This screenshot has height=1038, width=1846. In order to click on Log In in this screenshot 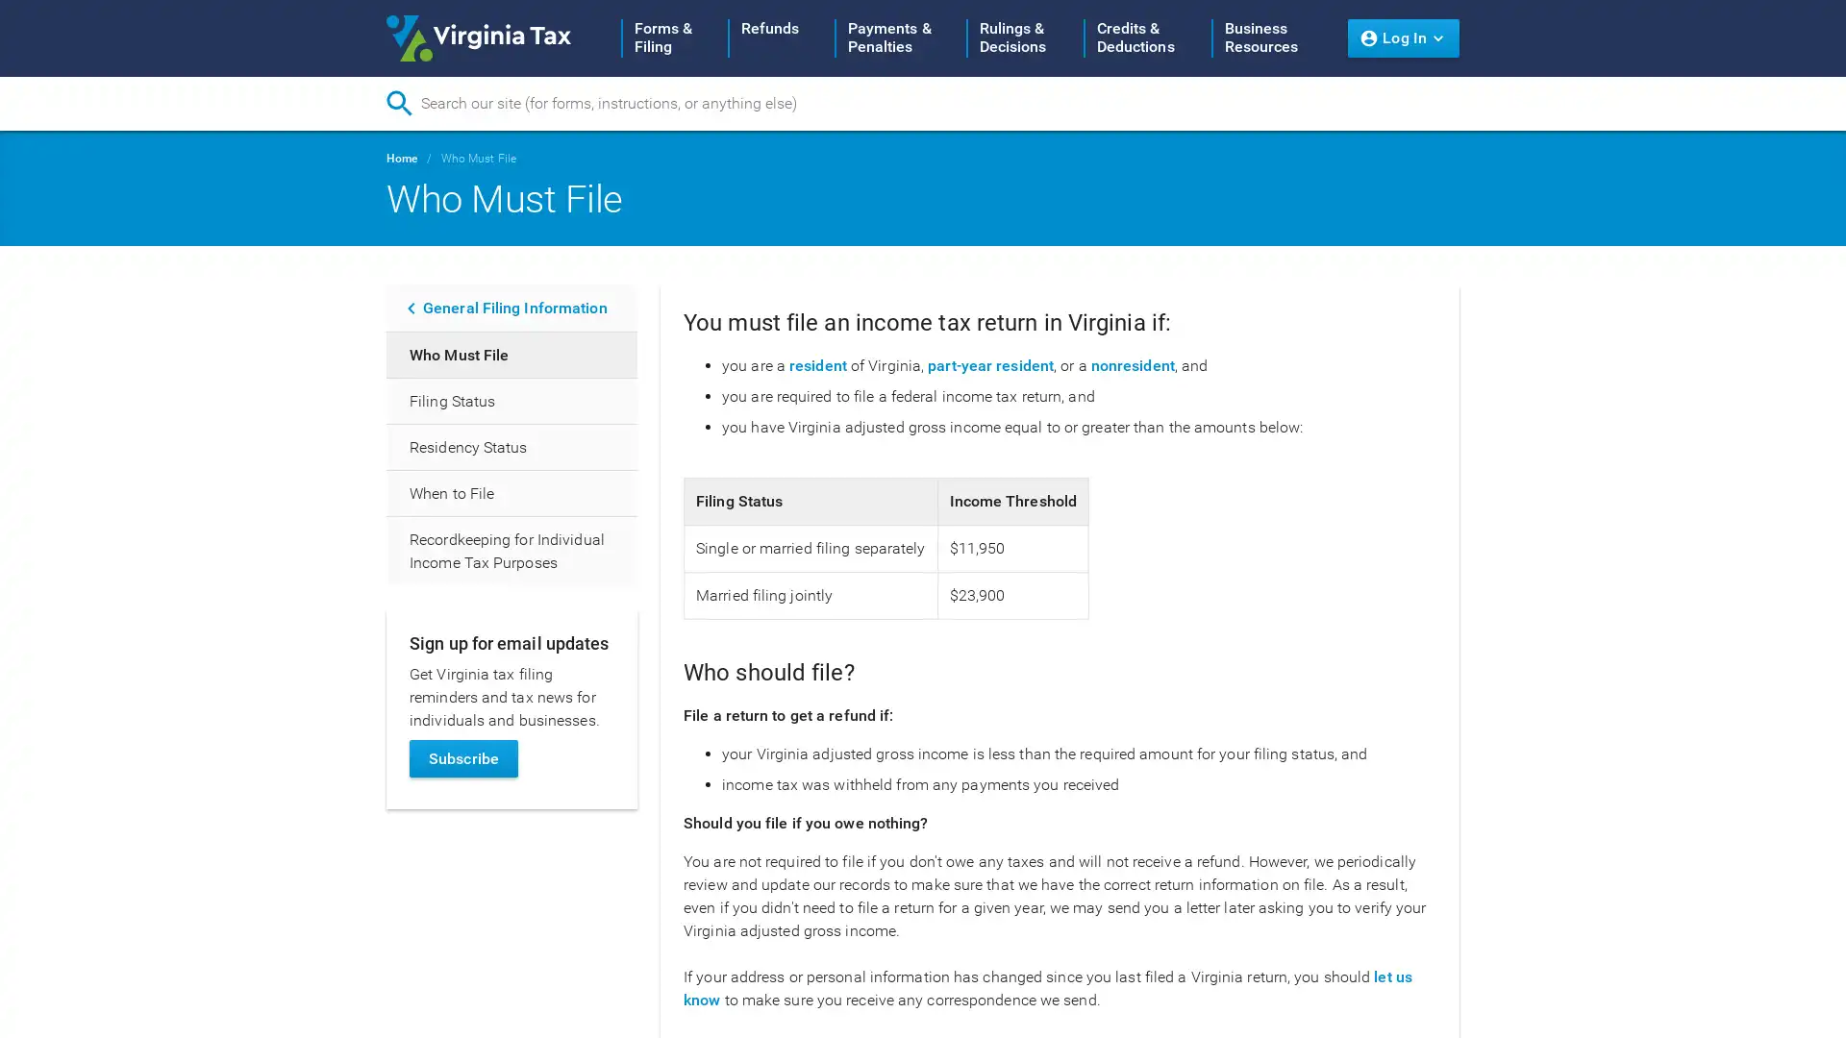, I will do `click(1403, 37)`.